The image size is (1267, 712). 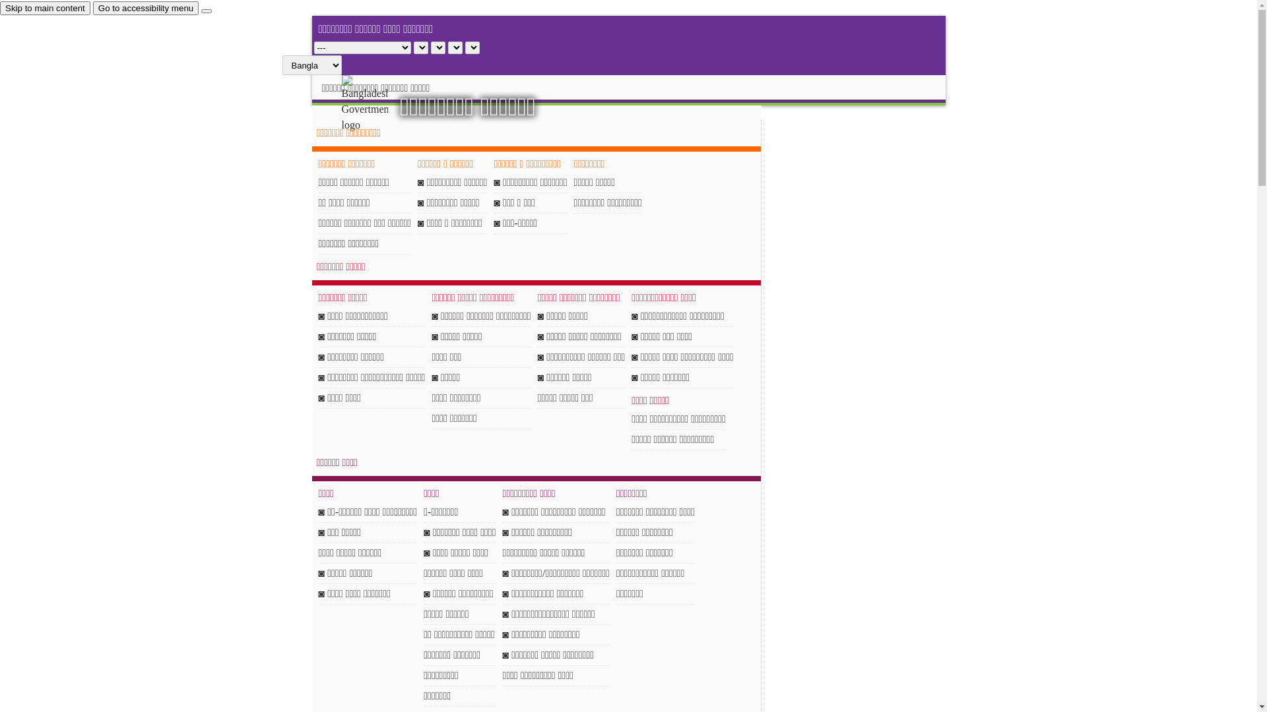 What do you see at coordinates (205, 11) in the screenshot?
I see `'close'` at bounding box center [205, 11].